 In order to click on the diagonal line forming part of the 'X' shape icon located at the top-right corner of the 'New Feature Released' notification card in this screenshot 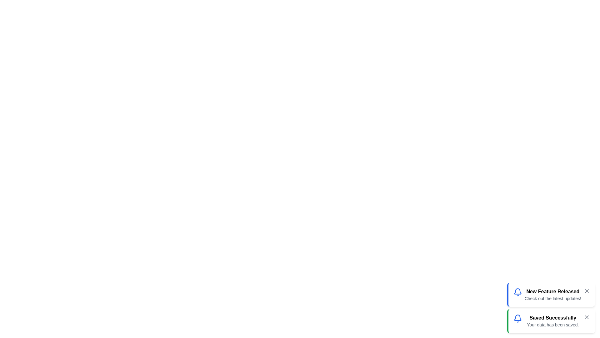, I will do `click(586, 291)`.